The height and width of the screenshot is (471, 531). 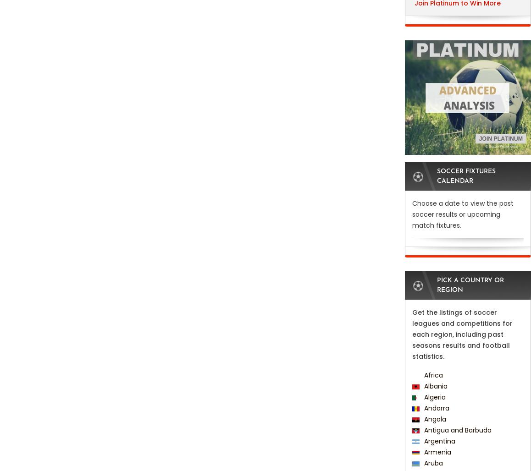 I want to click on 'Africa', so click(x=431, y=375).